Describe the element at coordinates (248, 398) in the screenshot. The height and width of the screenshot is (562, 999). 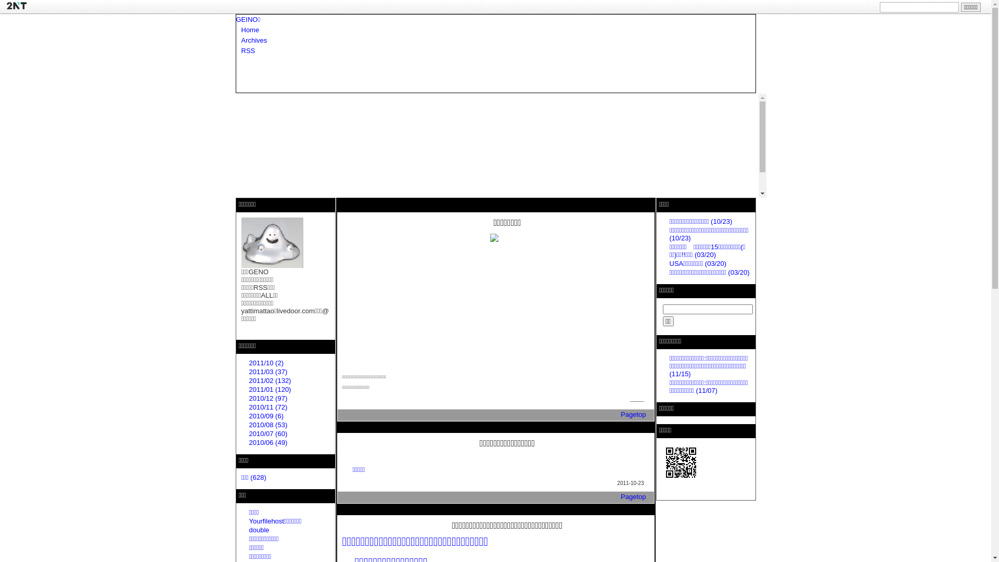
I see `'2010/12 (97)'` at that location.